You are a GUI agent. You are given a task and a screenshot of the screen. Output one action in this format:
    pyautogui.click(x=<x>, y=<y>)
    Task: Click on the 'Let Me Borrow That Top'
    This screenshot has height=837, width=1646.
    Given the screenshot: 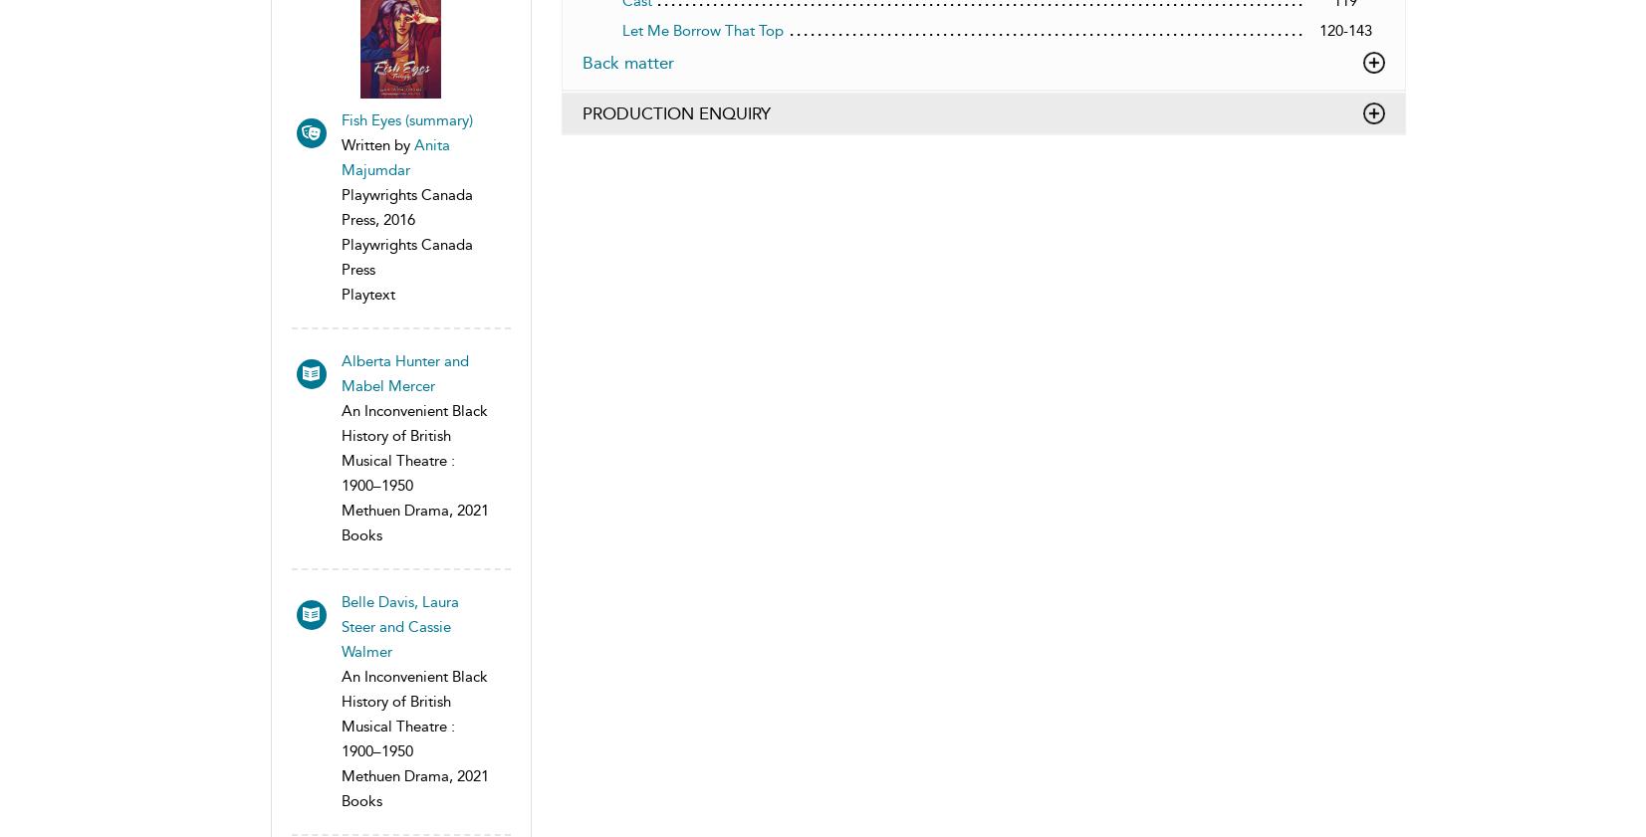 What is the action you would take?
    pyautogui.click(x=701, y=30)
    